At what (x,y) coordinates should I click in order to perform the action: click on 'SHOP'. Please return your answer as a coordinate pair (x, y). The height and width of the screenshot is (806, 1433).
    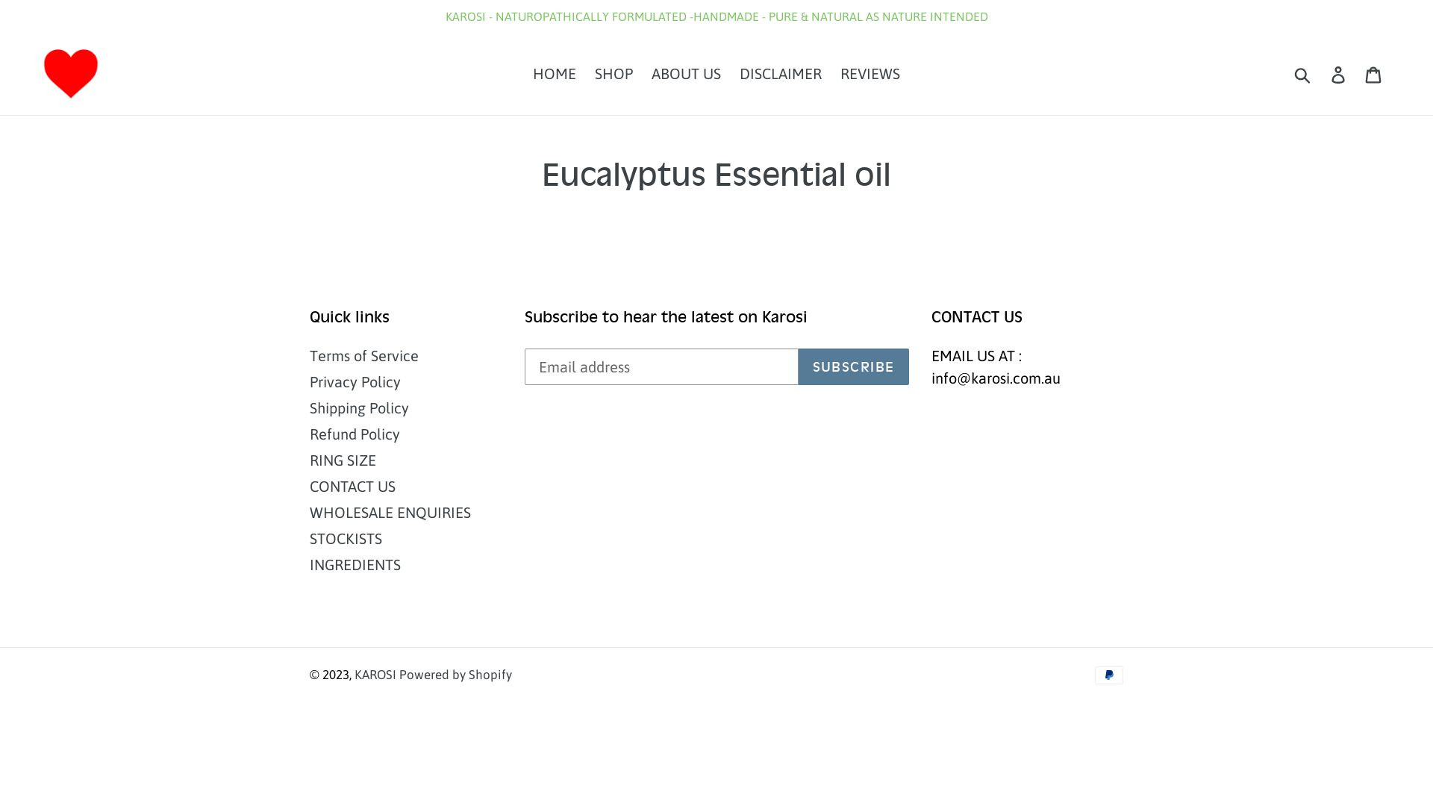
    Looking at the image, I should click on (587, 74).